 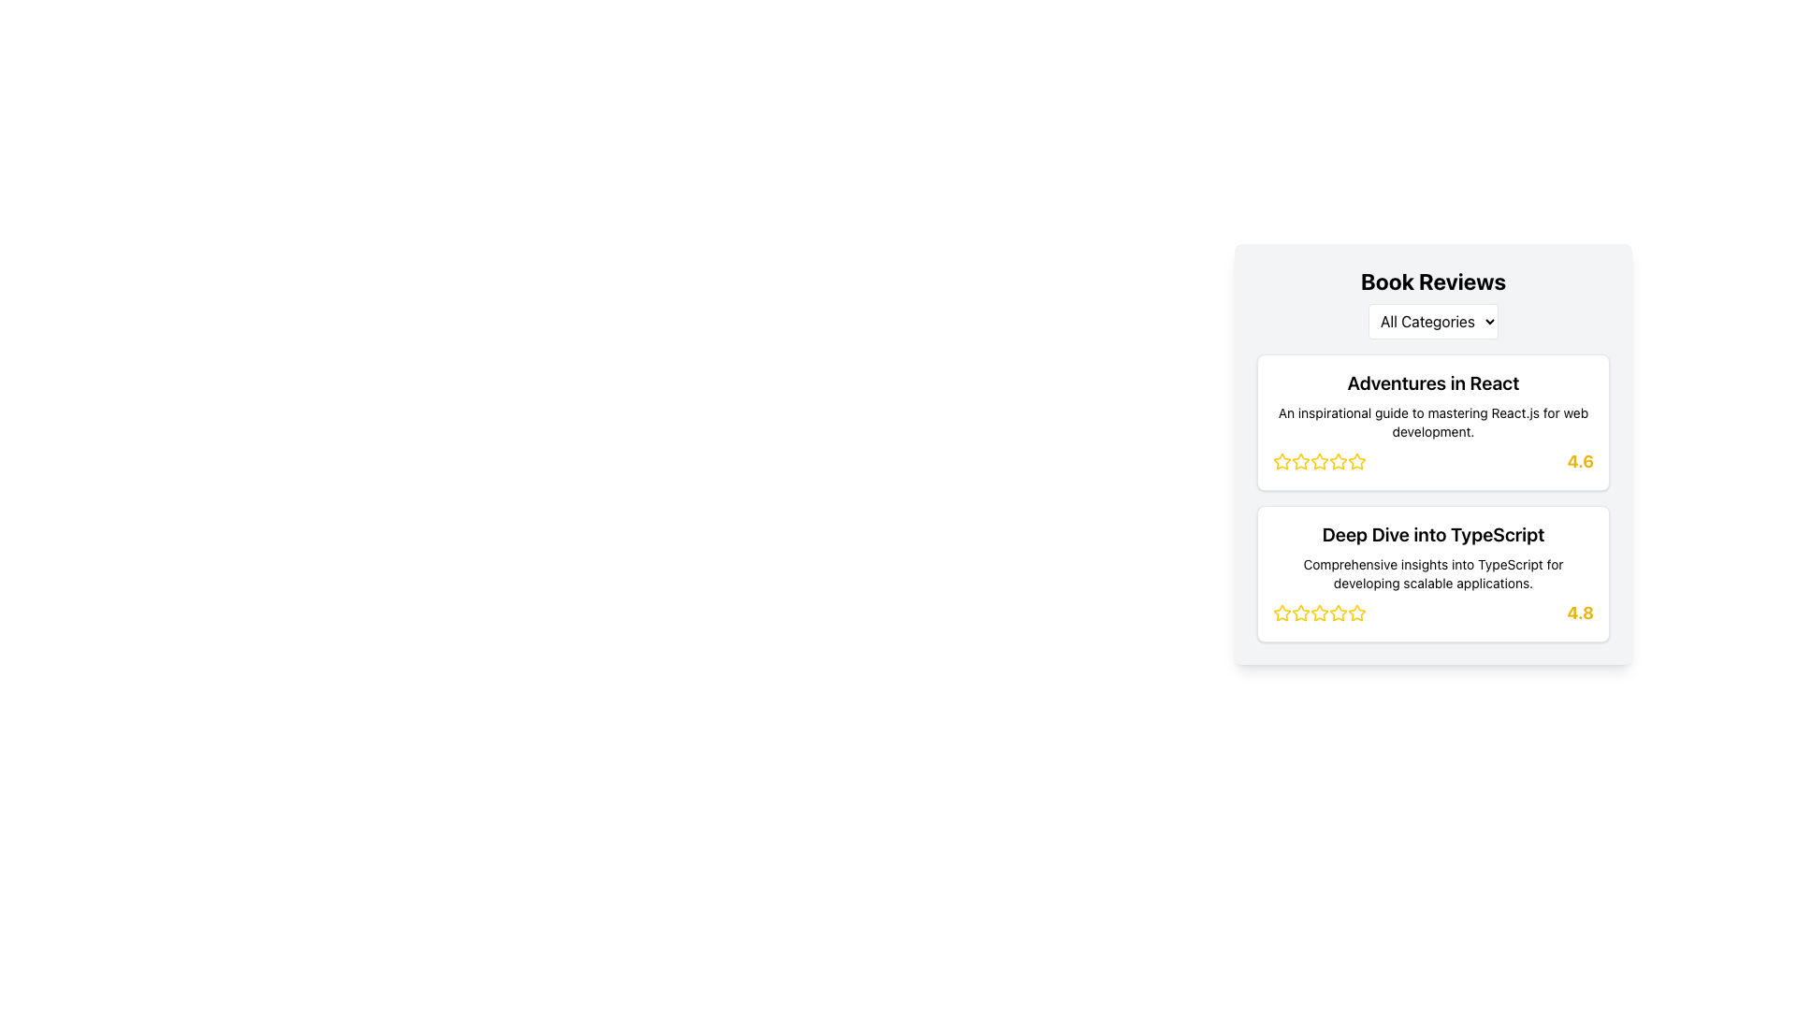 I want to click on the first star rating icon, which is a star shape with a yellow outline and a white fill, located below the text 'Deep Dive into TypeScript', so click(x=1319, y=613).